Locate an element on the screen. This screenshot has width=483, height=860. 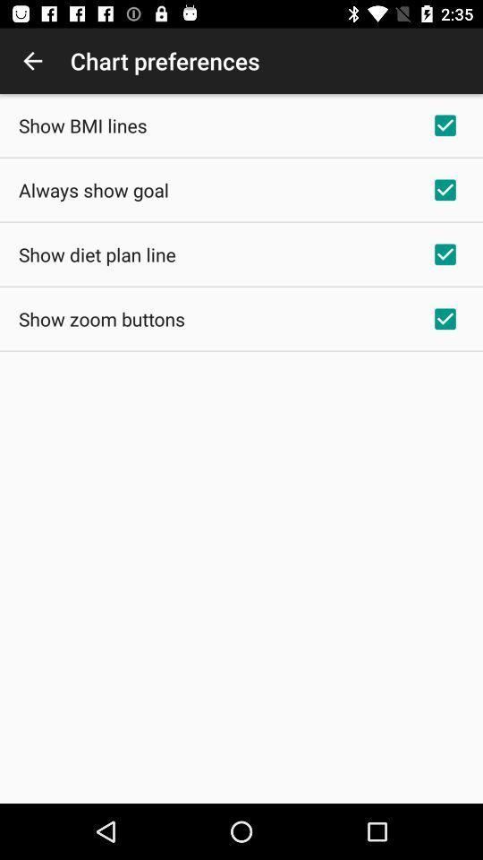
show zoom buttons icon is located at coordinates (101, 319).